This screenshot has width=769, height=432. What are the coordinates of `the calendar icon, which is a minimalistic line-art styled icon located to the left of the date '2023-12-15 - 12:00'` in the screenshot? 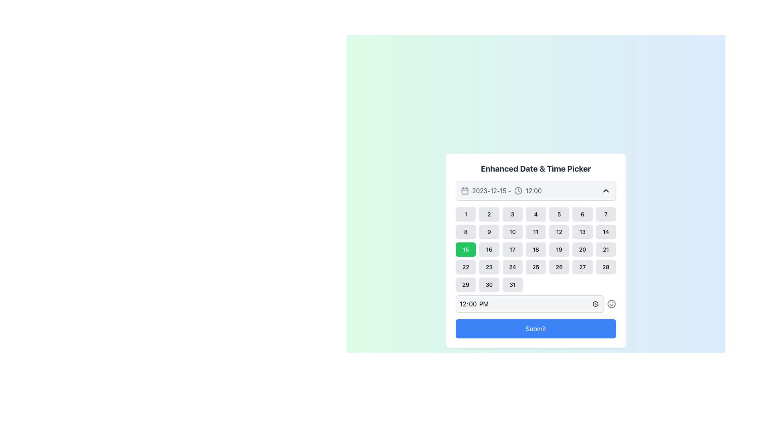 It's located at (465, 191).